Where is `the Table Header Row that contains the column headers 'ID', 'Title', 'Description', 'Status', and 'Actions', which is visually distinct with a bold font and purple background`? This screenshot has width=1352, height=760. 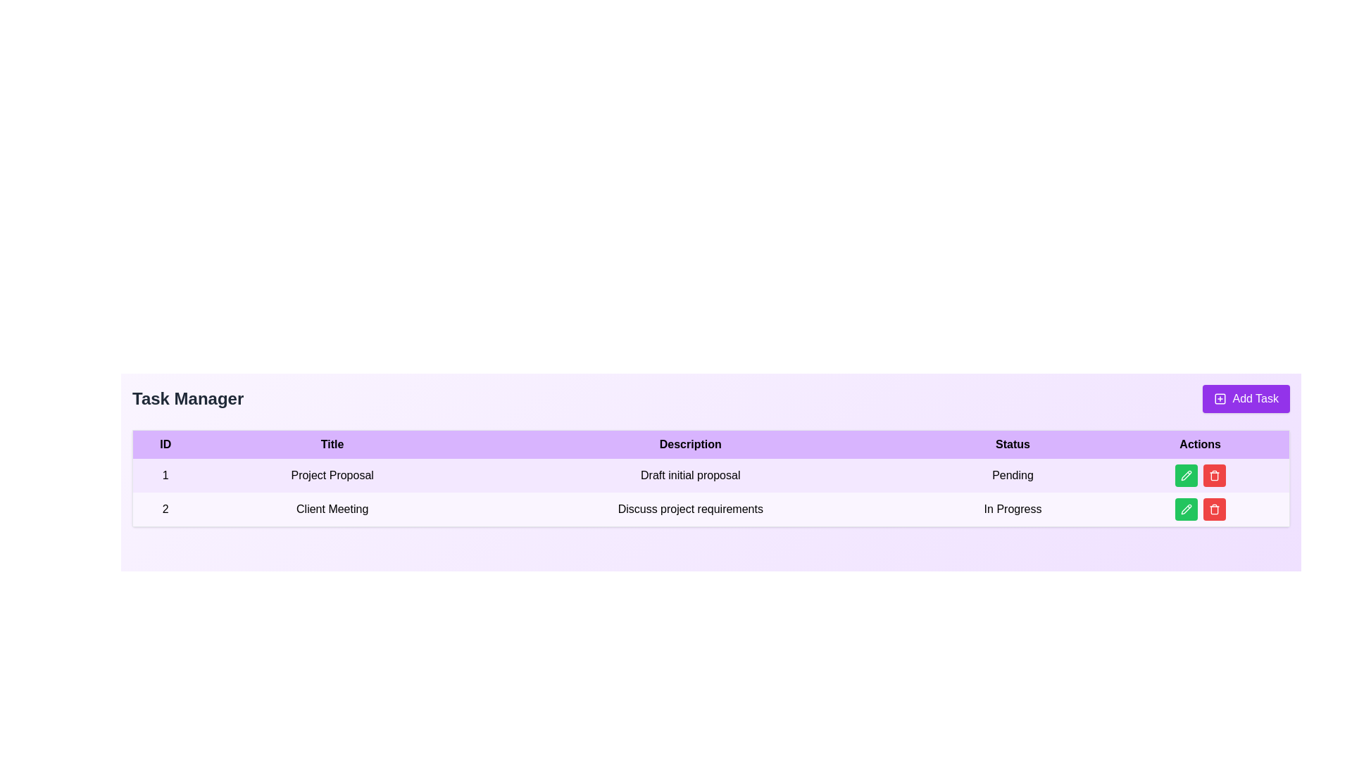 the Table Header Row that contains the column headers 'ID', 'Title', 'Description', 'Status', and 'Actions', which is visually distinct with a bold font and purple background is located at coordinates (711, 444).